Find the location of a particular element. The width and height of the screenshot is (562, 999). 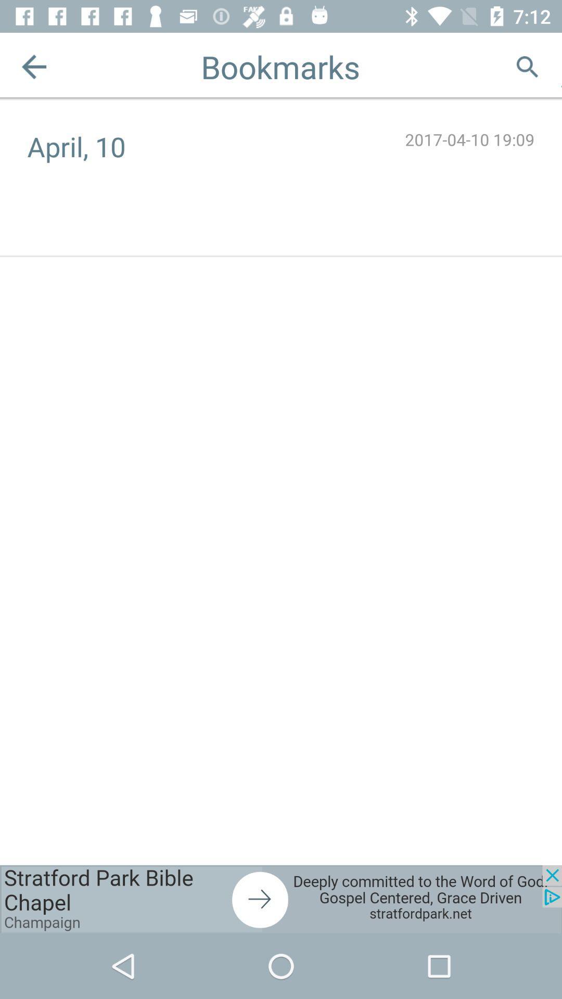

search is located at coordinates (527, 66).